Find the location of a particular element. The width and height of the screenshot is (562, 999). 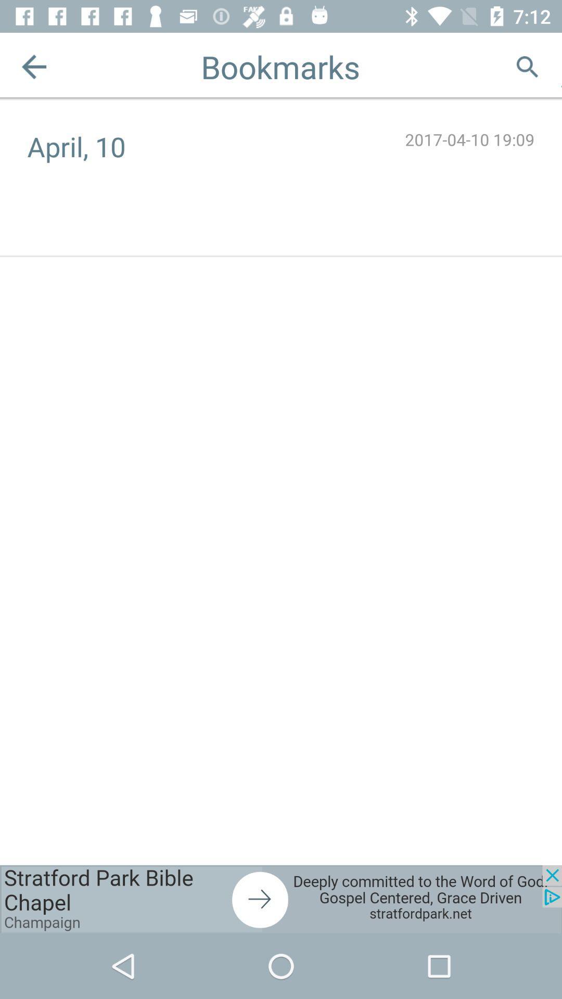

search is located at coordinates (527, 66).